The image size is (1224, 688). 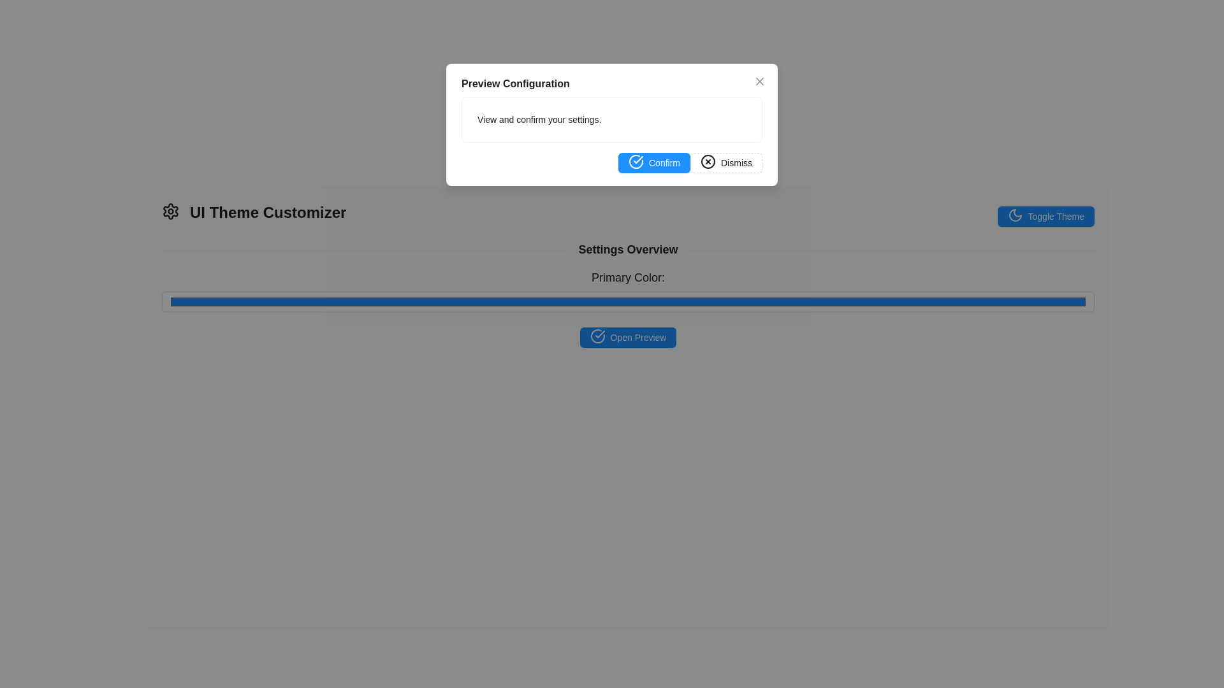 I want to click on the 'Open Preview' text label located inside the button at the bottom center of the interface to see context options, so click(x=638, y=336).